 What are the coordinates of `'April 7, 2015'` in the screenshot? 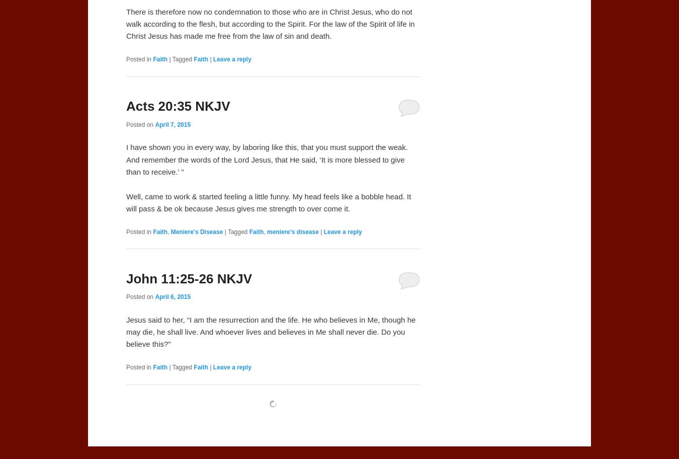 It's located at (154, 124).